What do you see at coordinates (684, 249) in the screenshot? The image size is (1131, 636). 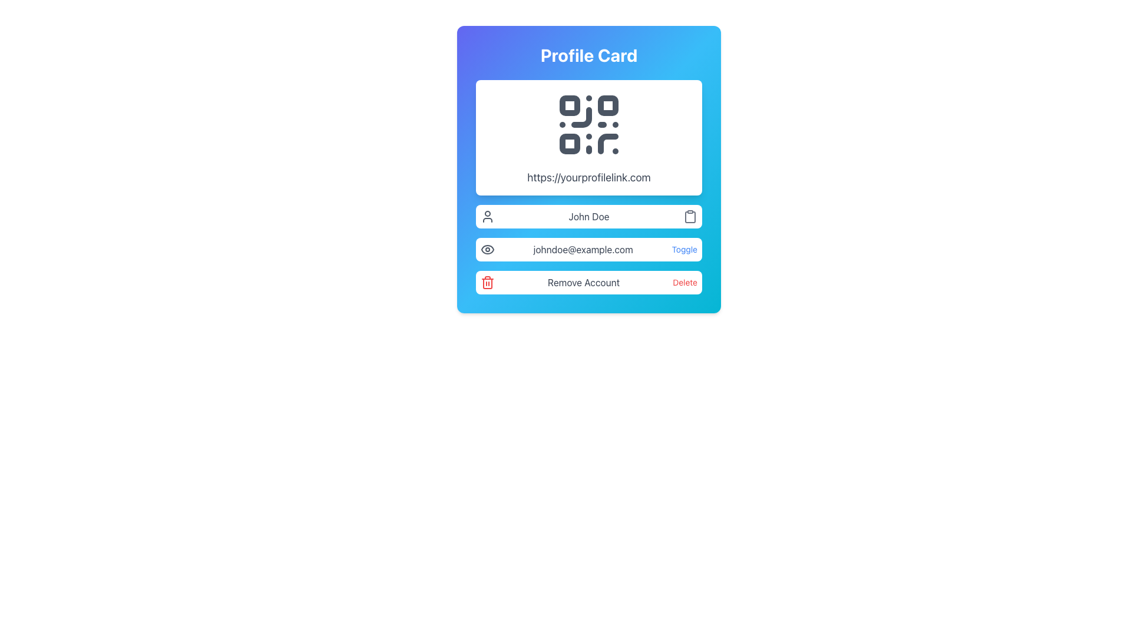 I see `the text button or label that toggles the feature associated with the email address 'johndoe@example.com'` at bounding box center [684, 249].